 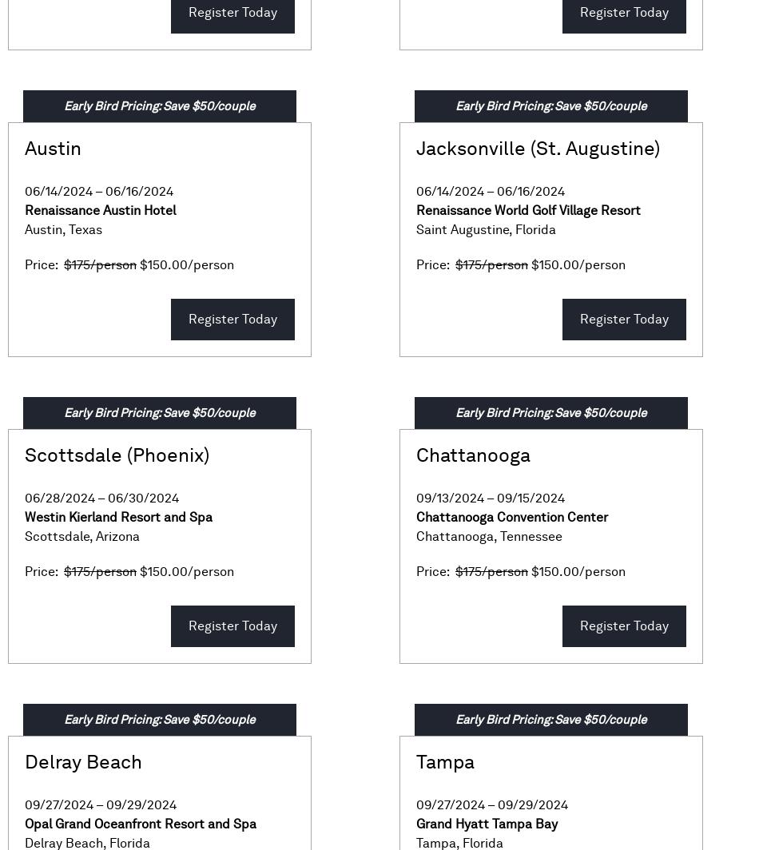 I want to click on 'Chattanooga Convention Center', so click(x=511, y=517).